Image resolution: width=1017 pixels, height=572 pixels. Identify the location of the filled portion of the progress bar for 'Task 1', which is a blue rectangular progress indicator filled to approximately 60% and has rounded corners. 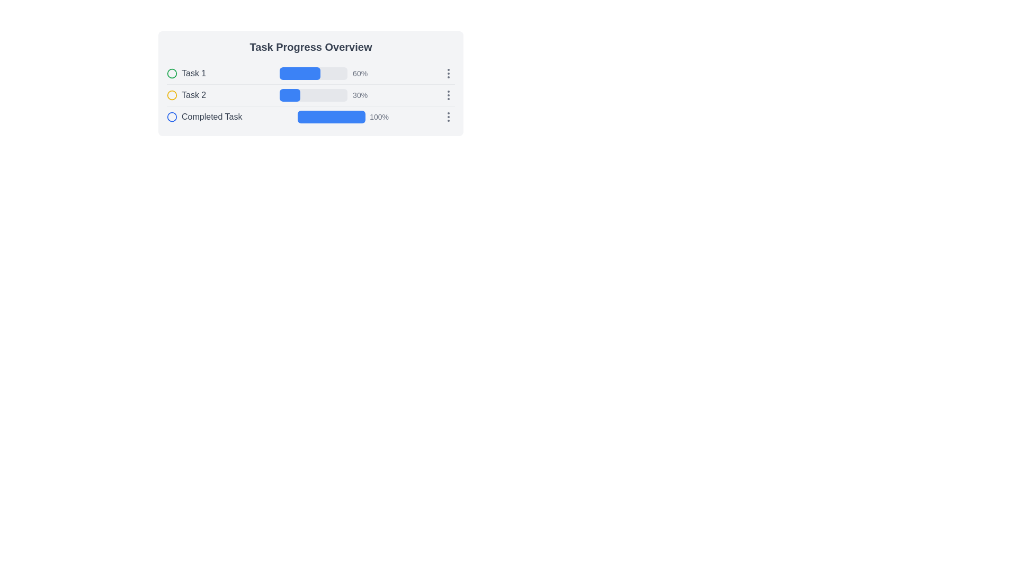
(299, 73).